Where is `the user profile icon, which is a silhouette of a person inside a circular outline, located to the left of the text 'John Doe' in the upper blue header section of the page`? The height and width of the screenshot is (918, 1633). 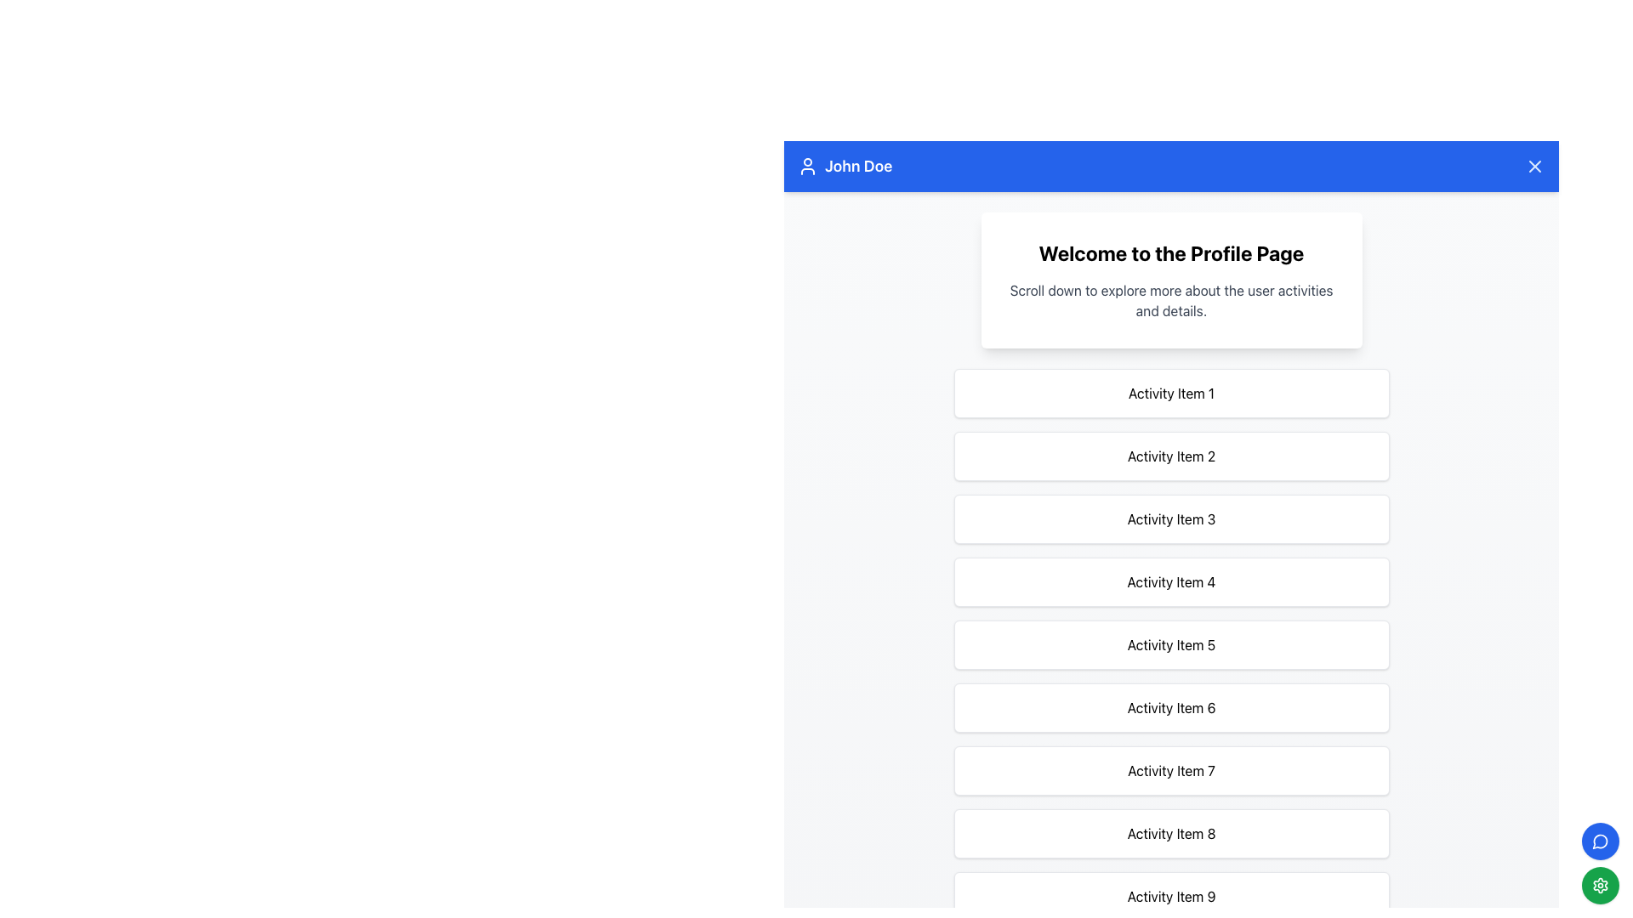
the user profile icon, which is a silhouette of a person inside a circular outline, located to the left of the text 'John Doe' in the upper blue header section of the page is located at coordinates (807, 167).